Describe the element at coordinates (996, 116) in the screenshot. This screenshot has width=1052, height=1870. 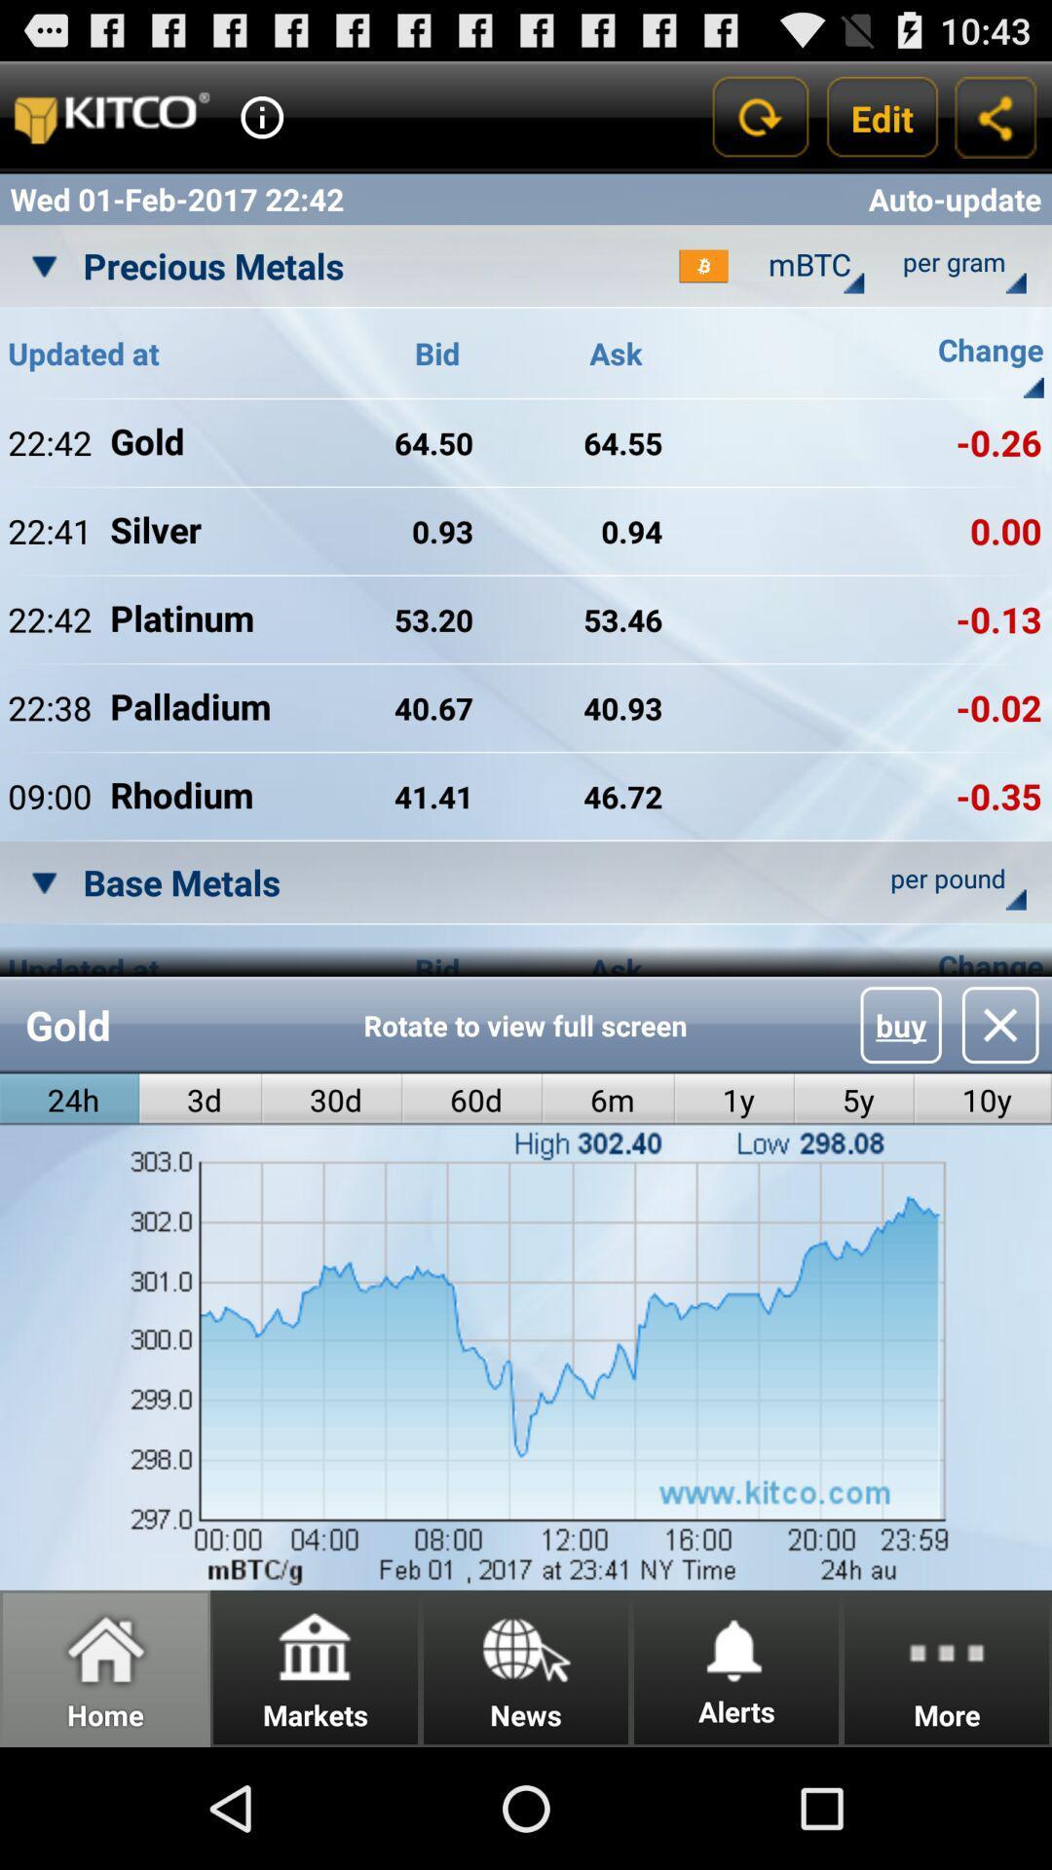
I see `share this page` at that location.